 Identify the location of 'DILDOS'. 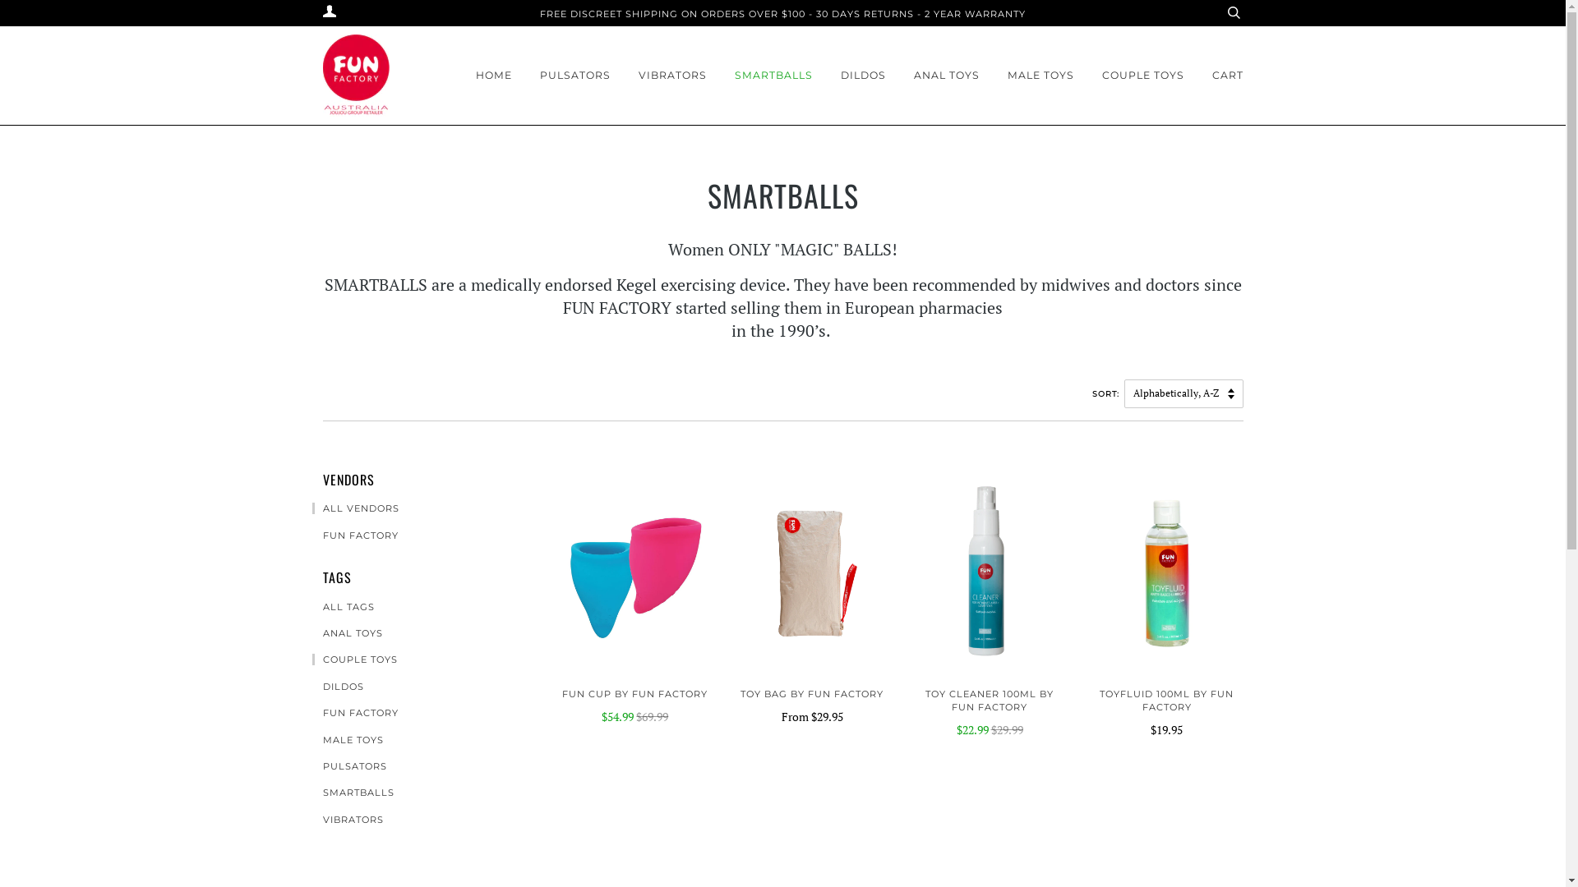
(861, 76).